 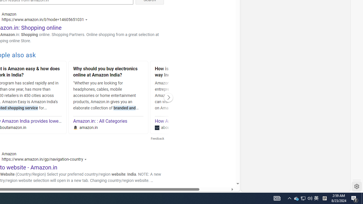 I want to click on 'Why should you buy electronics online at Amazon India?', so click(x=108, y=72).